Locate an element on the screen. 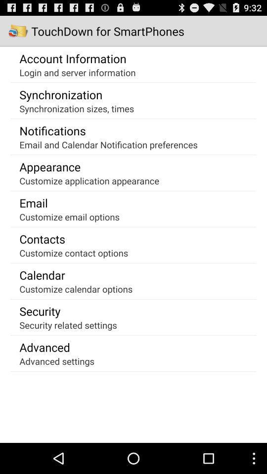 Image resolution: width=267 pixels, height=474 pixels. app below the synchronization is located at coordinates (76, 108).